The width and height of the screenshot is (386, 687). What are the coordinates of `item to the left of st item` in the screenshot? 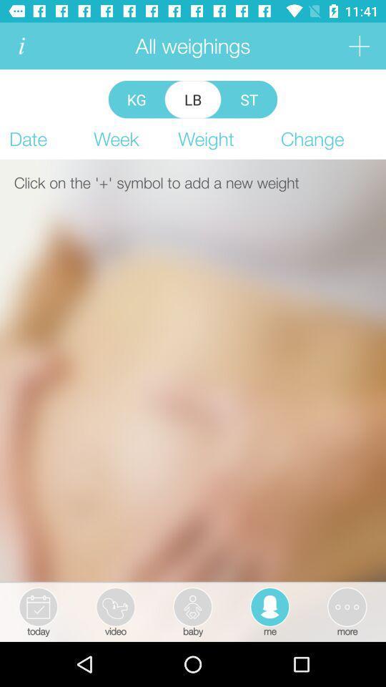 It's located at (193, 99).